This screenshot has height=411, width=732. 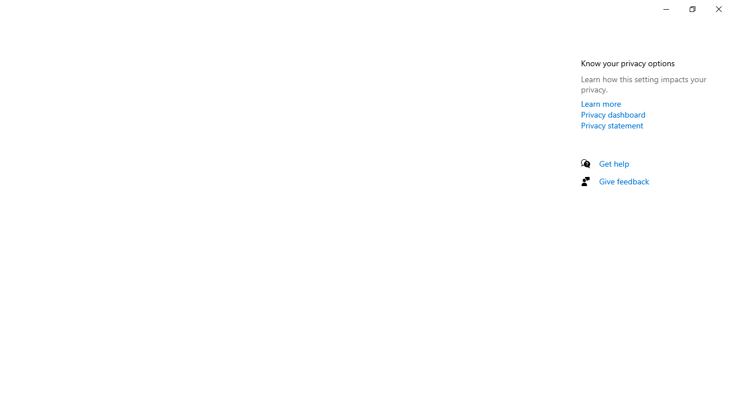 What do you see at coordinates (718, 9) in the screenshot?
I see `'Close Settings'` at bounding box center [718, 9].